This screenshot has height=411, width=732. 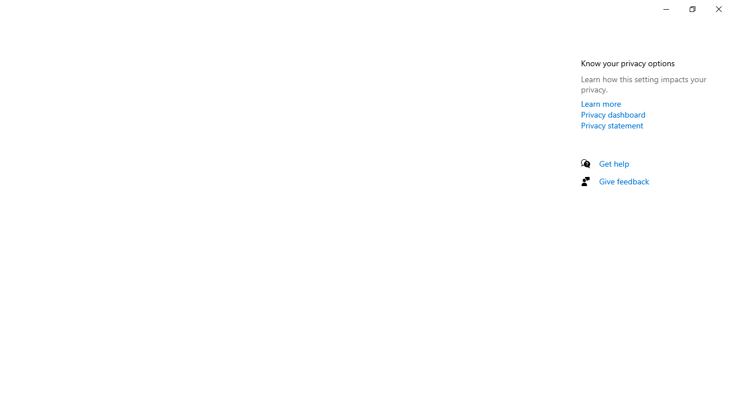 What do you see at coordinates (718, 9) in the screenshot?
I see `'Close Settings'` at bounding box center [718, 9].